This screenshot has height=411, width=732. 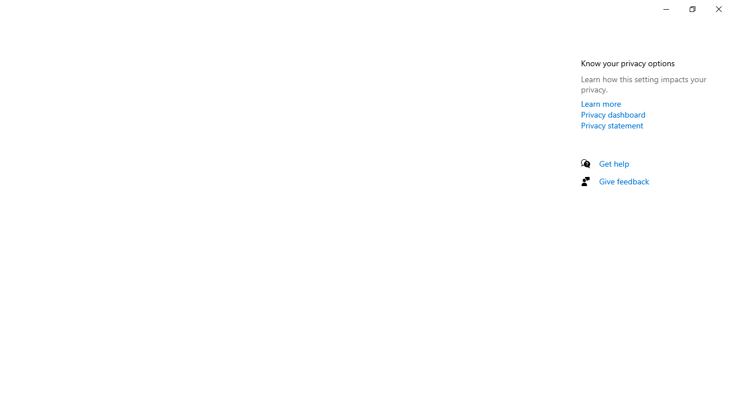 What do you see at coordinates (718, 9) in the screenshot?
I see `'Close Settings'` at bounding box center [718, 9].